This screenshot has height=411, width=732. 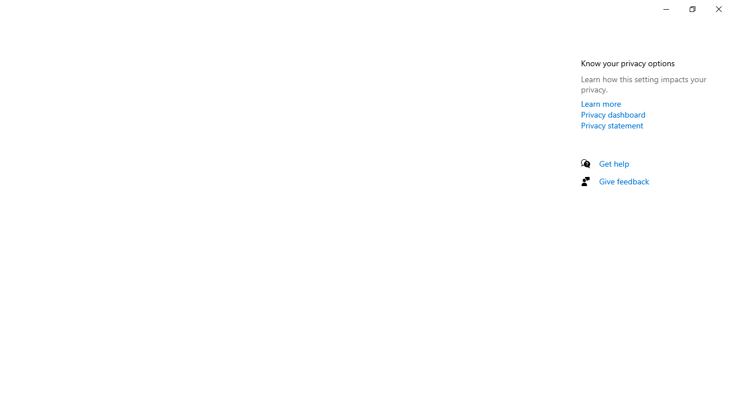 What do you see at coordinates (718, 9) in the screenshot?
I see `'Close Settings'` at bounding box center [718, 9].